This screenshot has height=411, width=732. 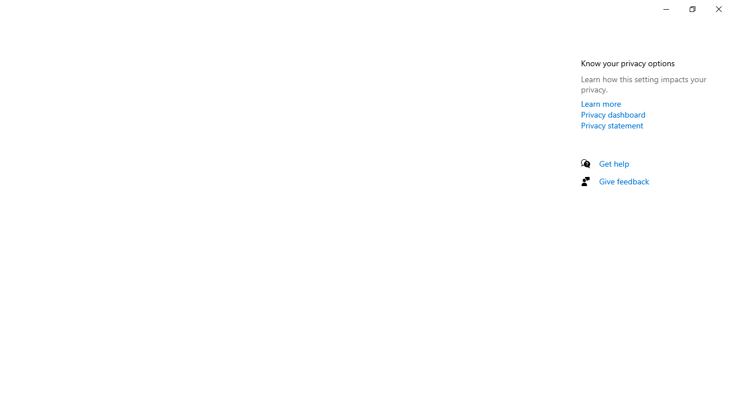 What do you see at coordinates (718, 9) in the screenshot?
I see `'Close Settings'` at bounding box center [718, 9].